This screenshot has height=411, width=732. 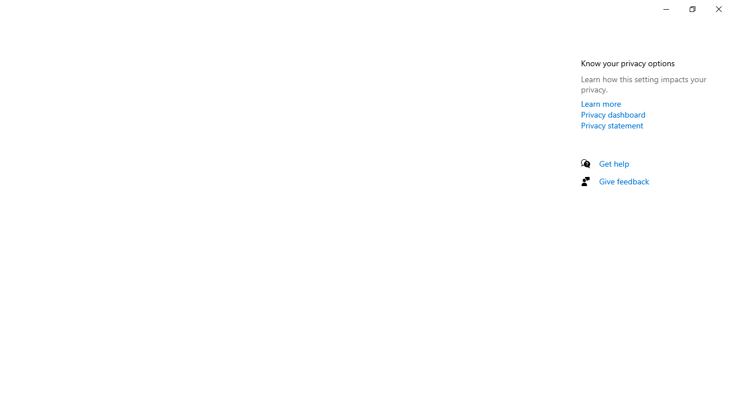 What do you see at coordinates (718, 9) in the screenshot?
I see `'Close Settings'` at bounding box center [718, 9].